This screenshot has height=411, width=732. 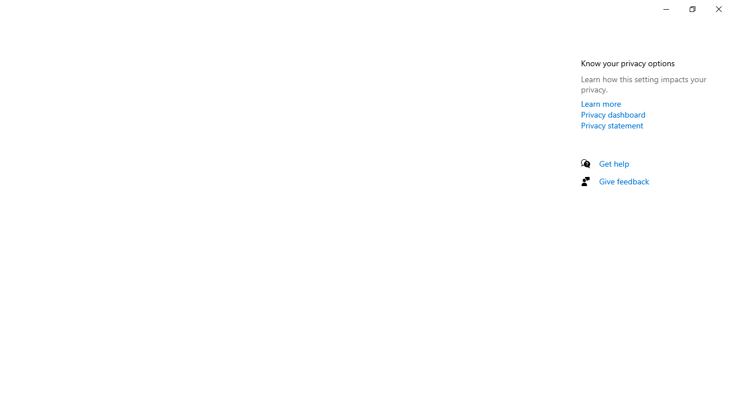 What do you see at coordinates (718, 9) in the screenshot?
I see `'Close Settings'` at bounding box center [718, 9].